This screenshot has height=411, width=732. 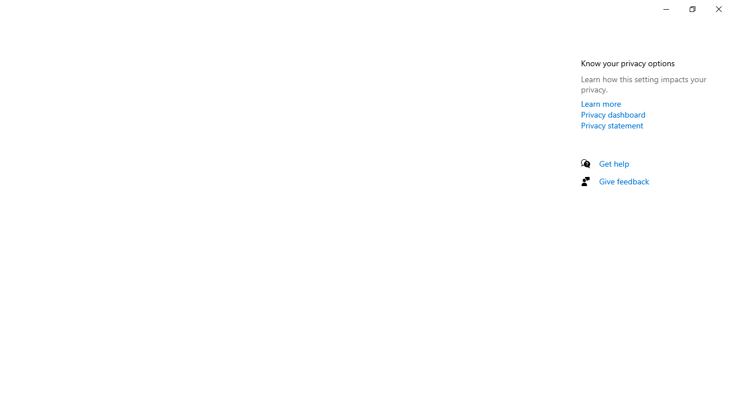 What do you see at coordinates (718, 9) in the screenshot?
I see `'Close Settings'` at bounding box center [718, 9].